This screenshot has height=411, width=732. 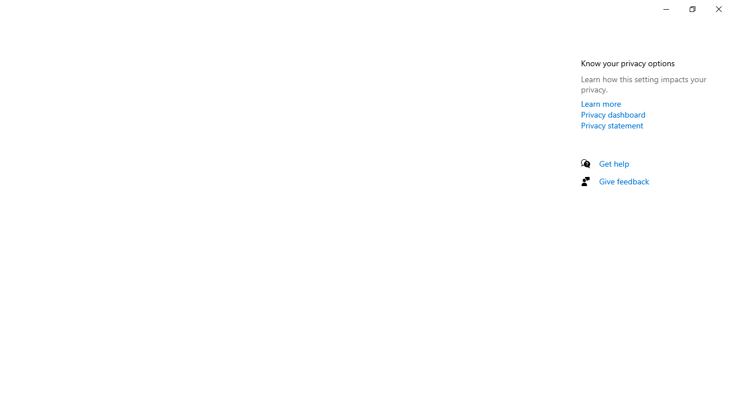 What do you see at coordinates (718, 9) in the screenshot?
I see `'Close Settings'` at bounding box center [718, 9].